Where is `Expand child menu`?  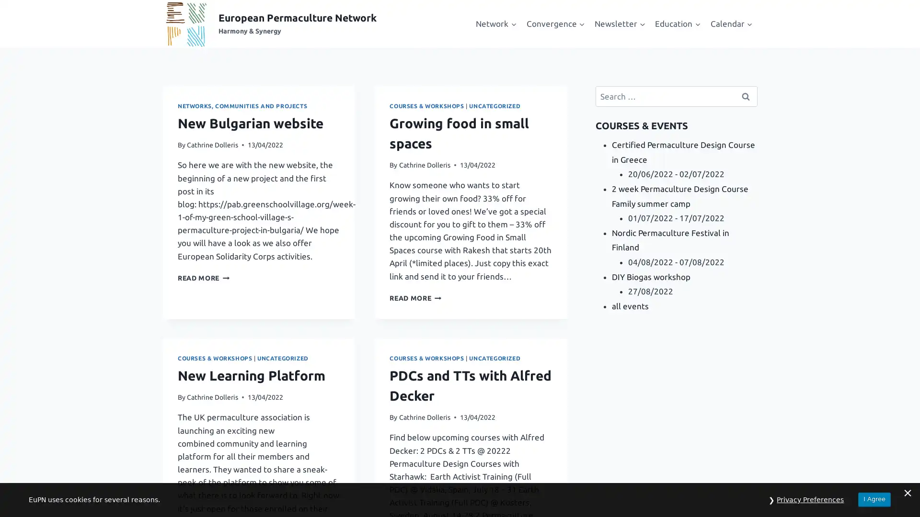 Expand child menu is located at coordinates (555, 23).